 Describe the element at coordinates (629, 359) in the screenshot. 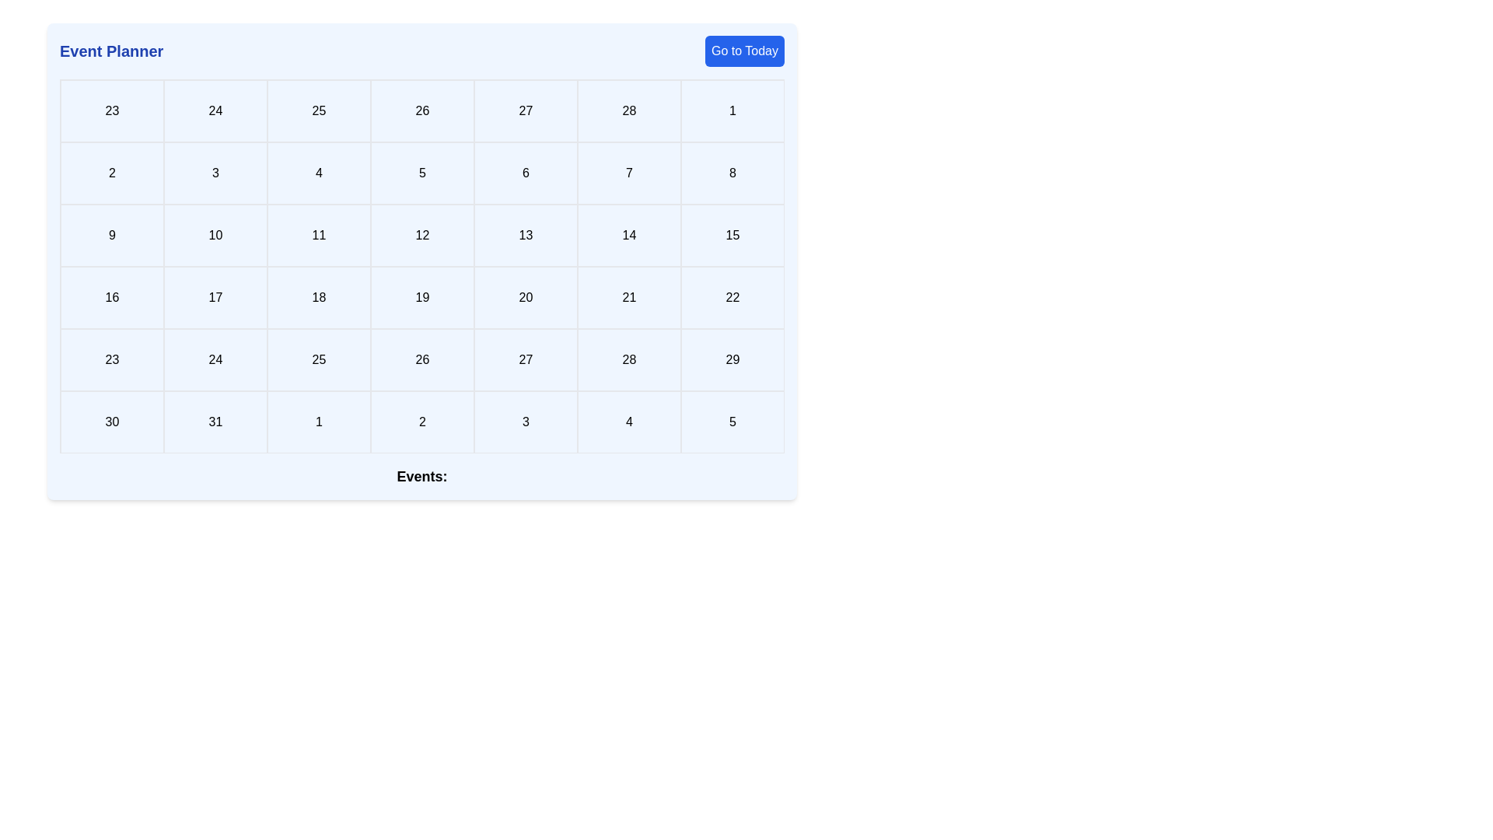

I see `the calendar day cell displaying the number '28'` at that location.